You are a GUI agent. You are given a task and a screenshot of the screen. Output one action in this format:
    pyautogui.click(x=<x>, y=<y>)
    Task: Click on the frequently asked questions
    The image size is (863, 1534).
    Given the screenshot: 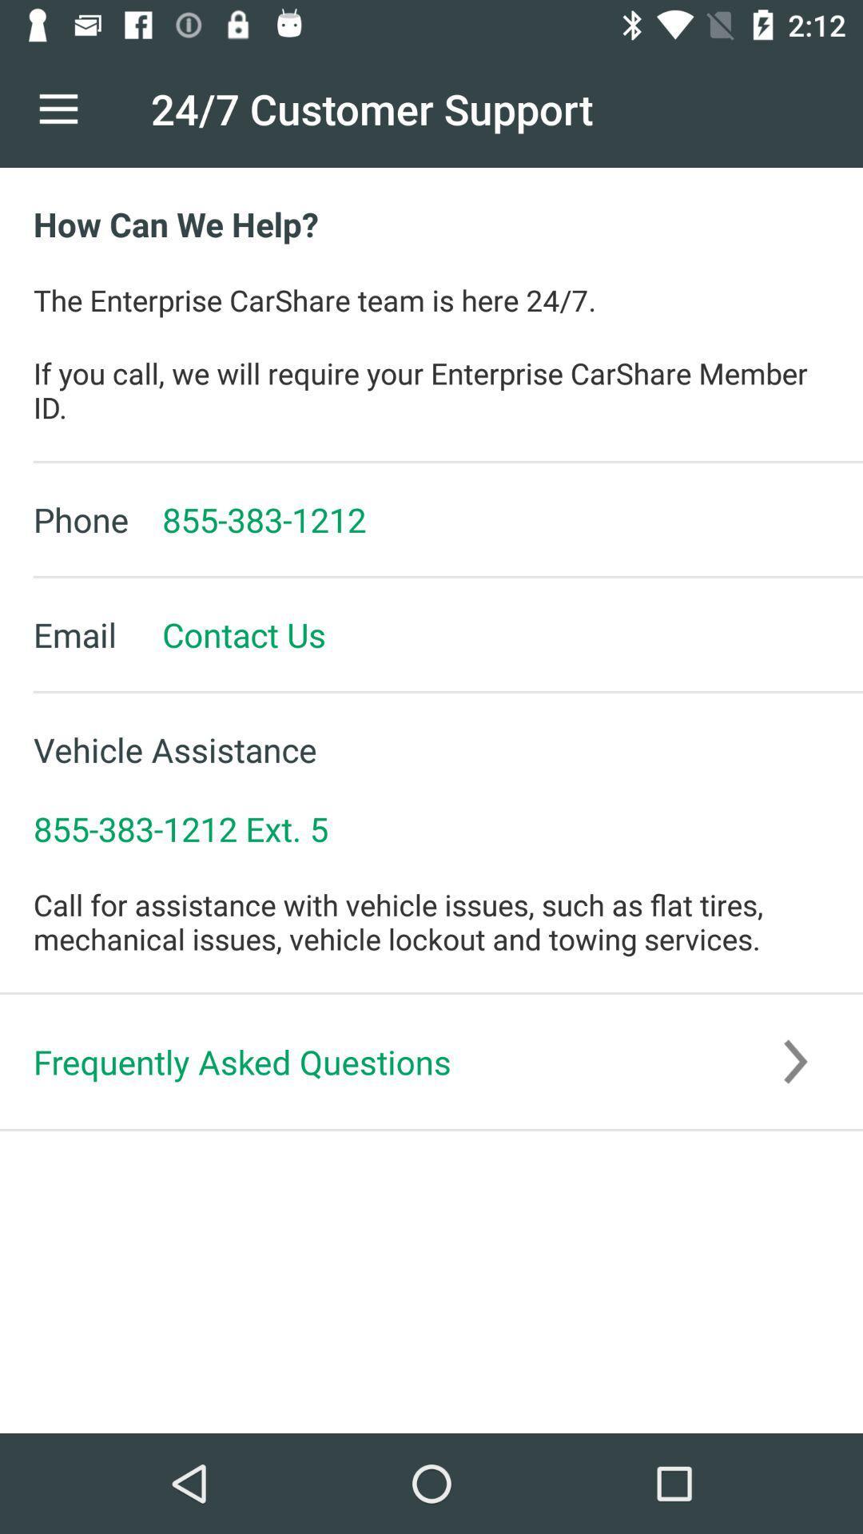 What is the action you would take?
    pyautogui.click(x=431, y=1062)
    